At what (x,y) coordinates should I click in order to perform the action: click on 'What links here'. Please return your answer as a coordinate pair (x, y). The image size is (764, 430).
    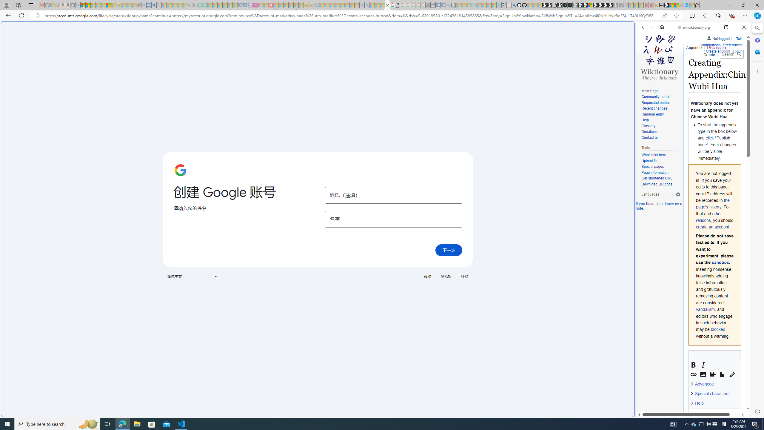
    Looking at the image, I should click on (660, 155).